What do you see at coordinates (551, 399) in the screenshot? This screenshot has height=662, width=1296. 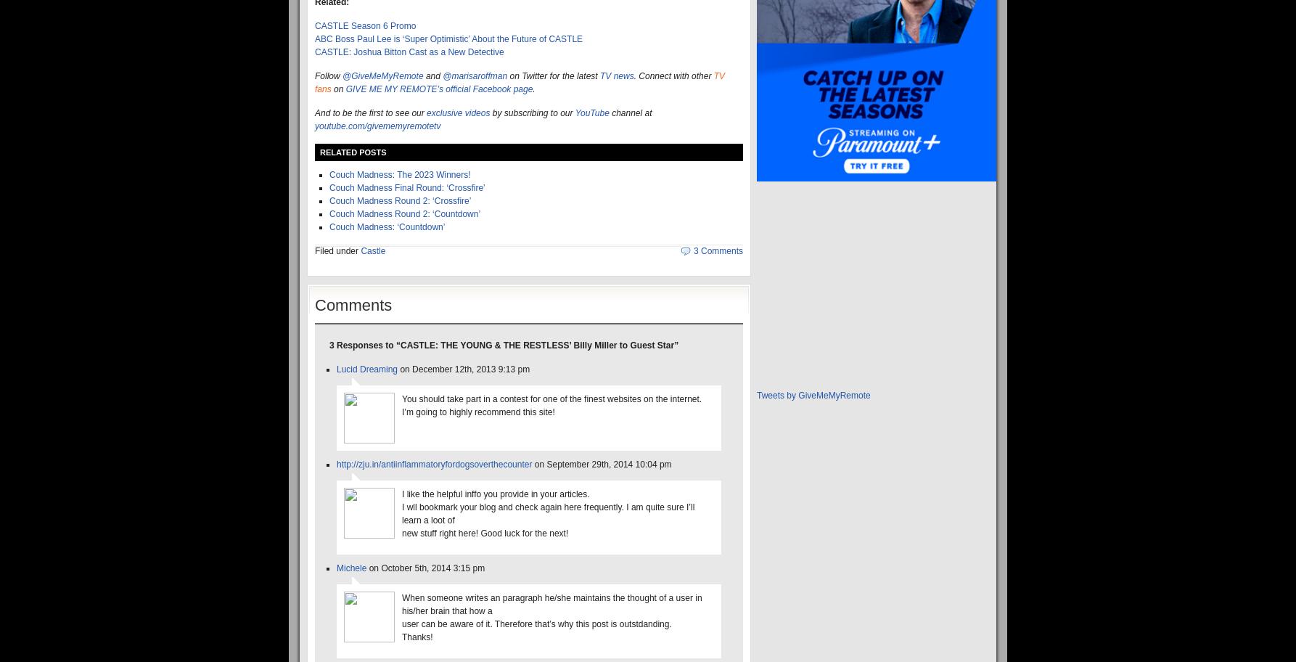 I see `'You should take part in a contest for one of the finest websites on the internet.'` at bounding box center [551, 399].